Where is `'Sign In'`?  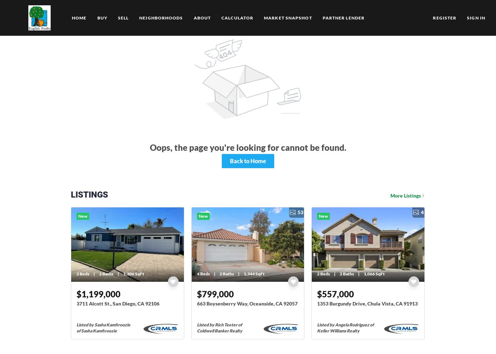 'Sign In' is located at coordinates (476, 18).